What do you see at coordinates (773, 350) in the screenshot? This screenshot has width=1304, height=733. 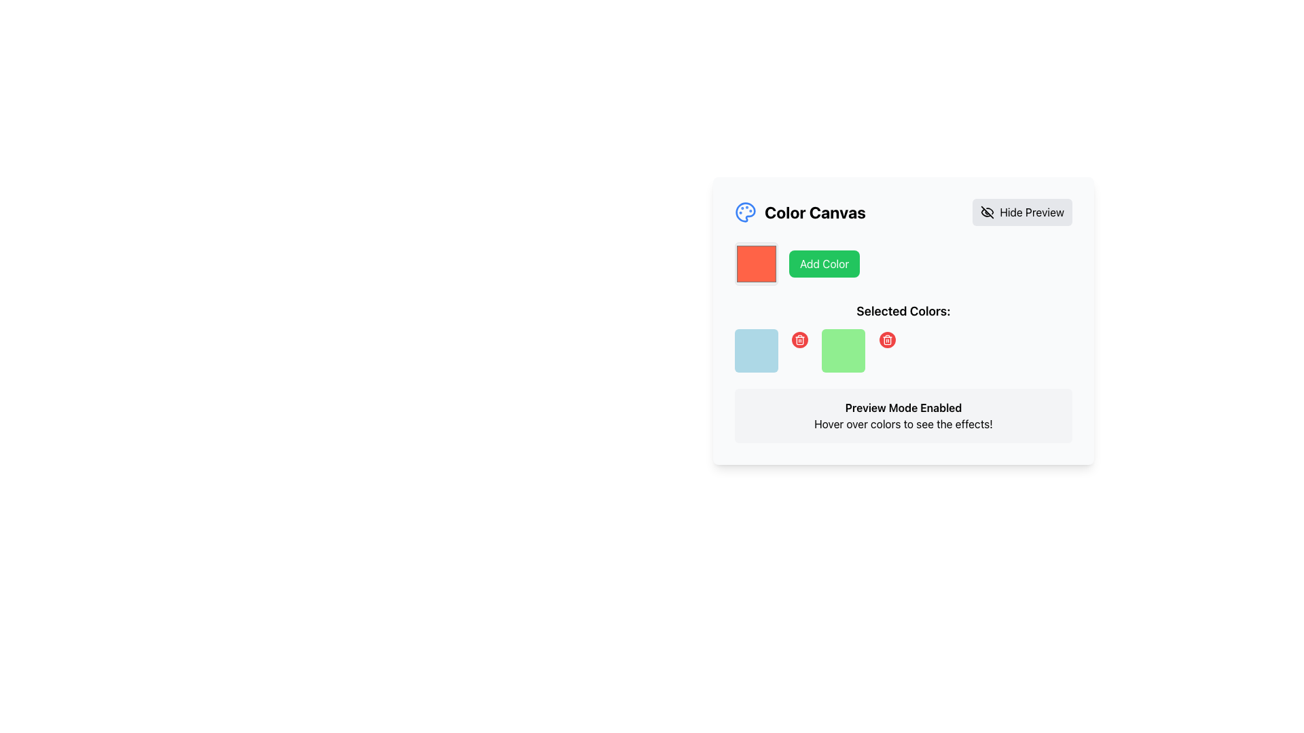 I see `the light blue color representation swatch located` at bounding box center [773, 350].